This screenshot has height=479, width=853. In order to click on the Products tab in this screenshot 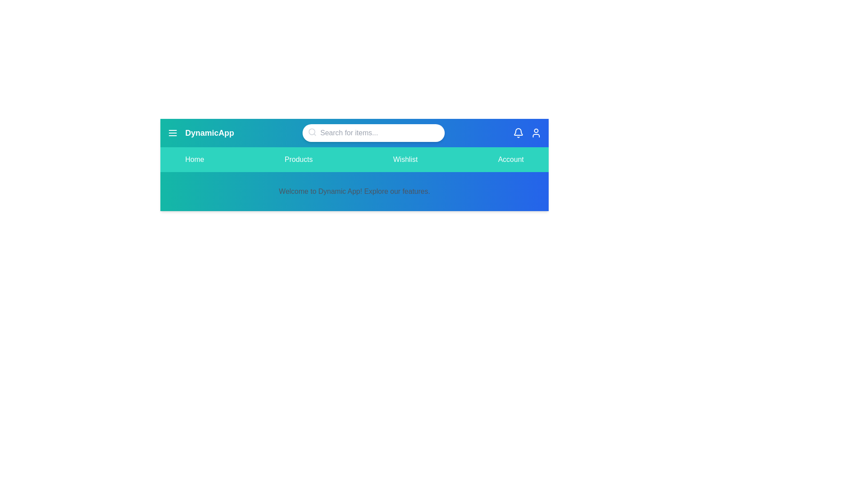, I will do `click(299, 159)`.